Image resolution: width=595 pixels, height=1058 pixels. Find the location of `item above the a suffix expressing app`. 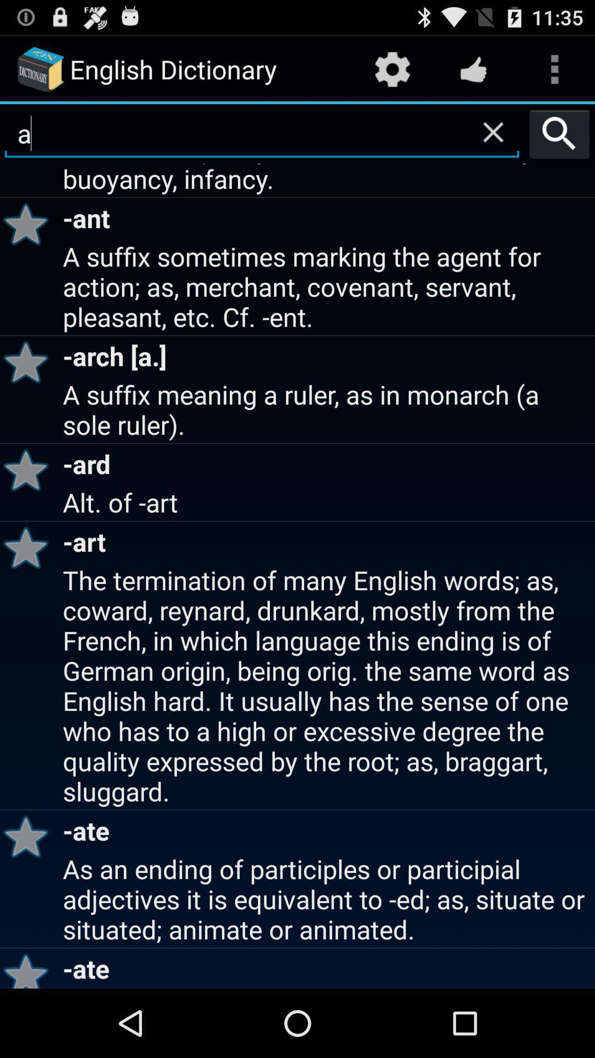

item above the a suffix expressing app is located at coordinates (559, 133).